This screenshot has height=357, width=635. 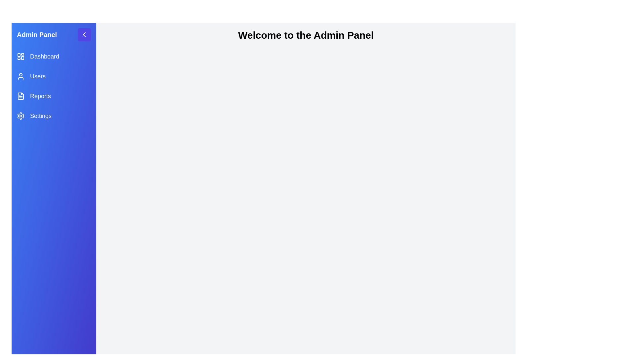 I want to click on the 'Reports' label in the vertical navigation menu, which indicates the 'Reports' section of the application, so click(x=40, y=96).